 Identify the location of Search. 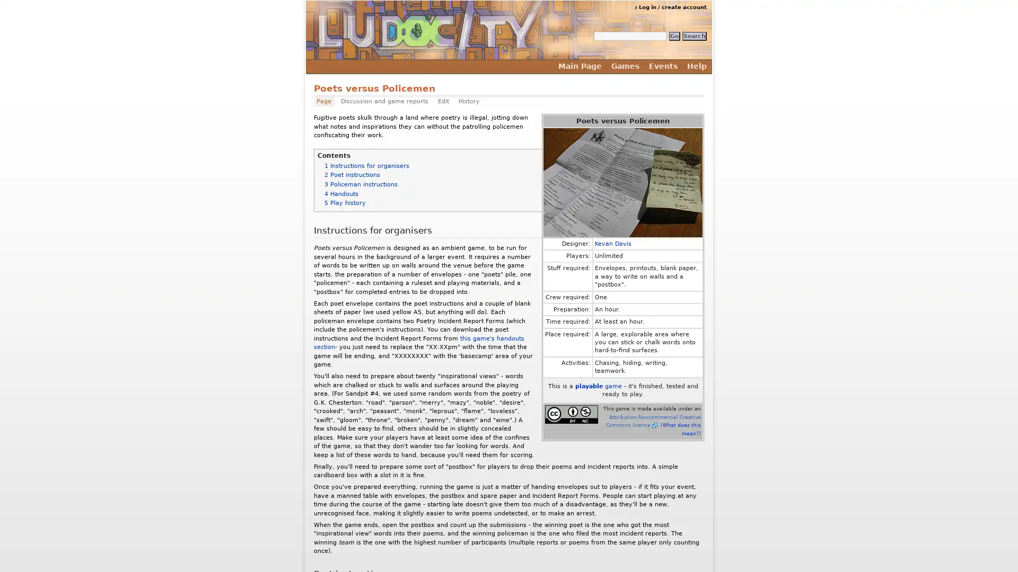
(695, 35).